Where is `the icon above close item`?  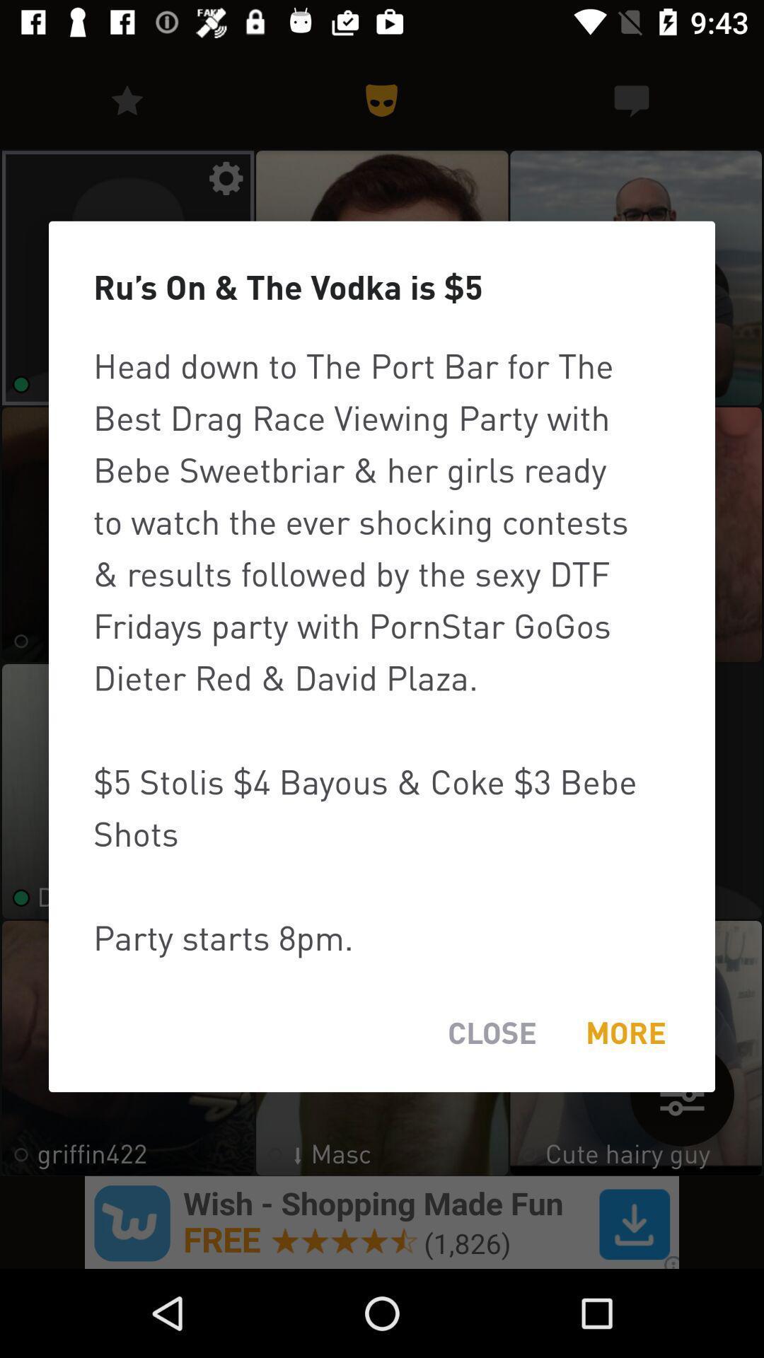 the icon above close item is located at coordinates (382, 651).